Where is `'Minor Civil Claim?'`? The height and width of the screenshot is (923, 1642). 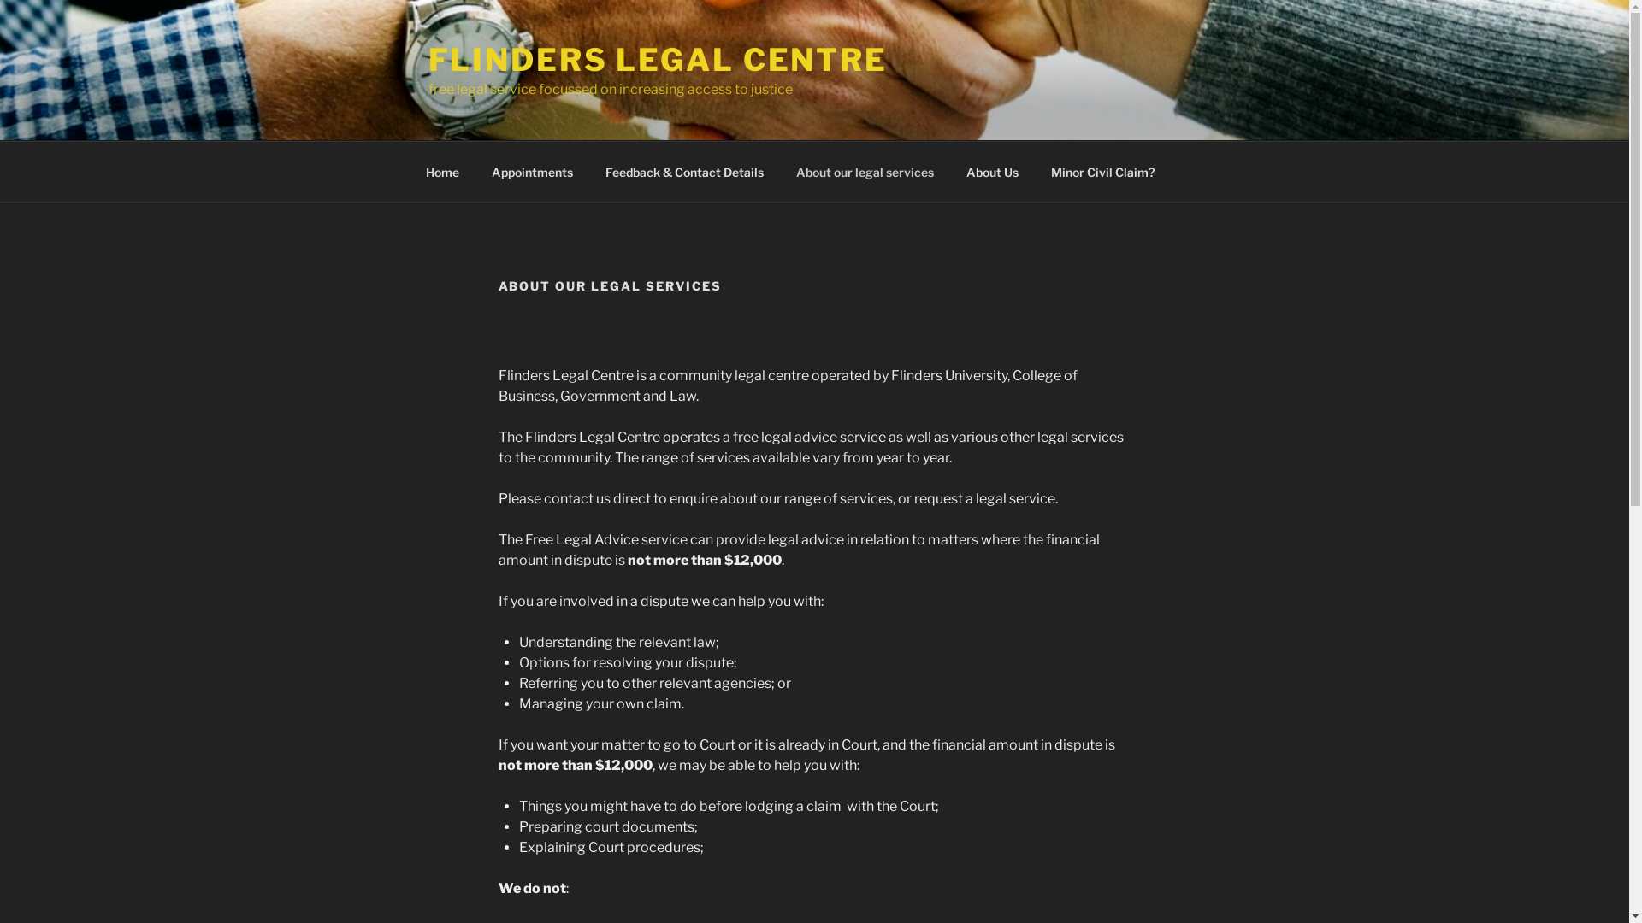 'Minor Civil Claim?' is located at coordinates (1103, 171).